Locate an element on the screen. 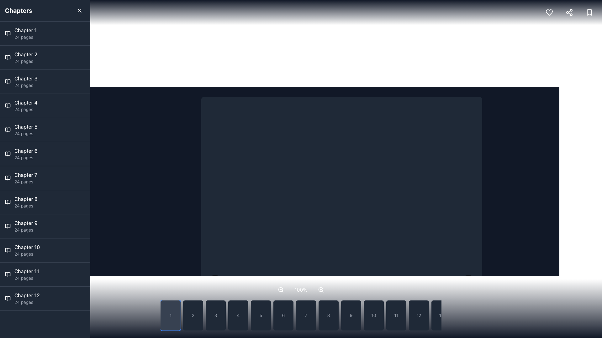  the open book icon located in the left sidebar panel next to the 'Chapter 3' label to indicate selection or navigation is located at coordinates (8, 81).